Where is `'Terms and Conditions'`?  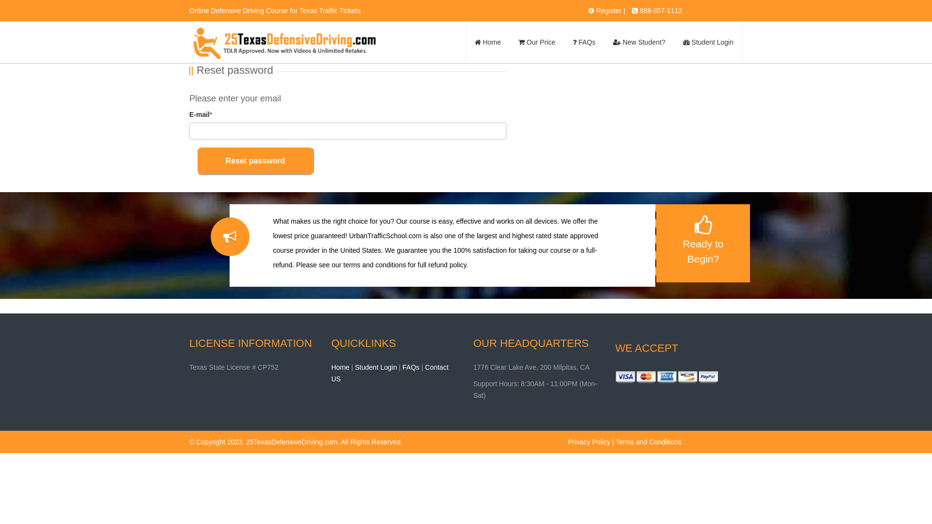
'Terms and Conditions' is located at coordinates (615, 442).